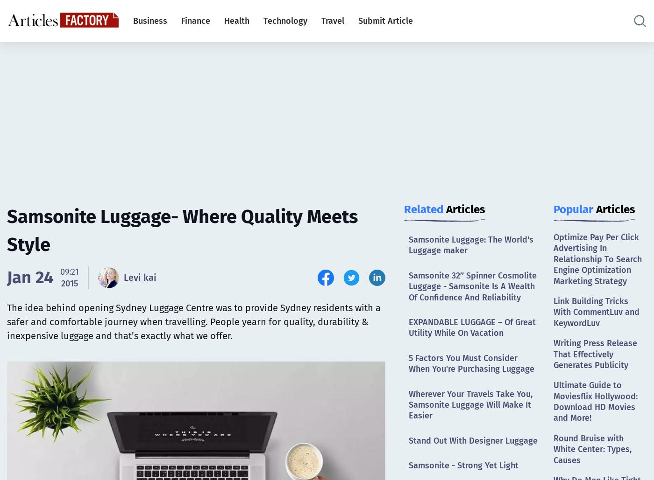 The width and height of the screenshot is (654, 480). What do you see at coordinates (409, 404) in the screenshot?
I see `'Wherever Your Travels Take You, Samsonite Luggage Will Make It Easier'` at bounding box center [409, 404].